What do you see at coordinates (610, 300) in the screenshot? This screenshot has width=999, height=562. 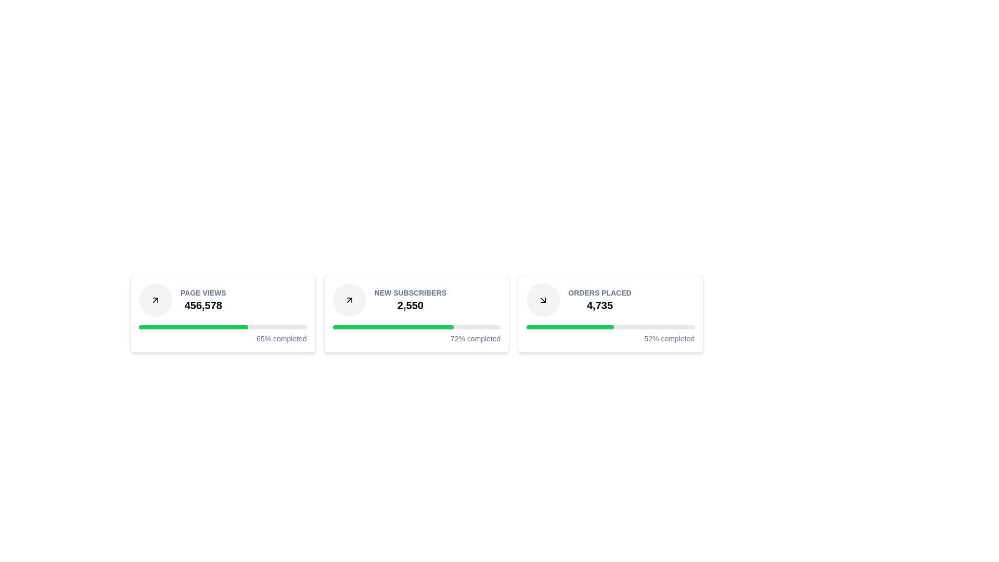 I see `the text block displaying 'Orders Placed' with the numeric value '4,735' in bold black text, located in the upper section of the rightmost summary card` at bounding box center [610, 300].